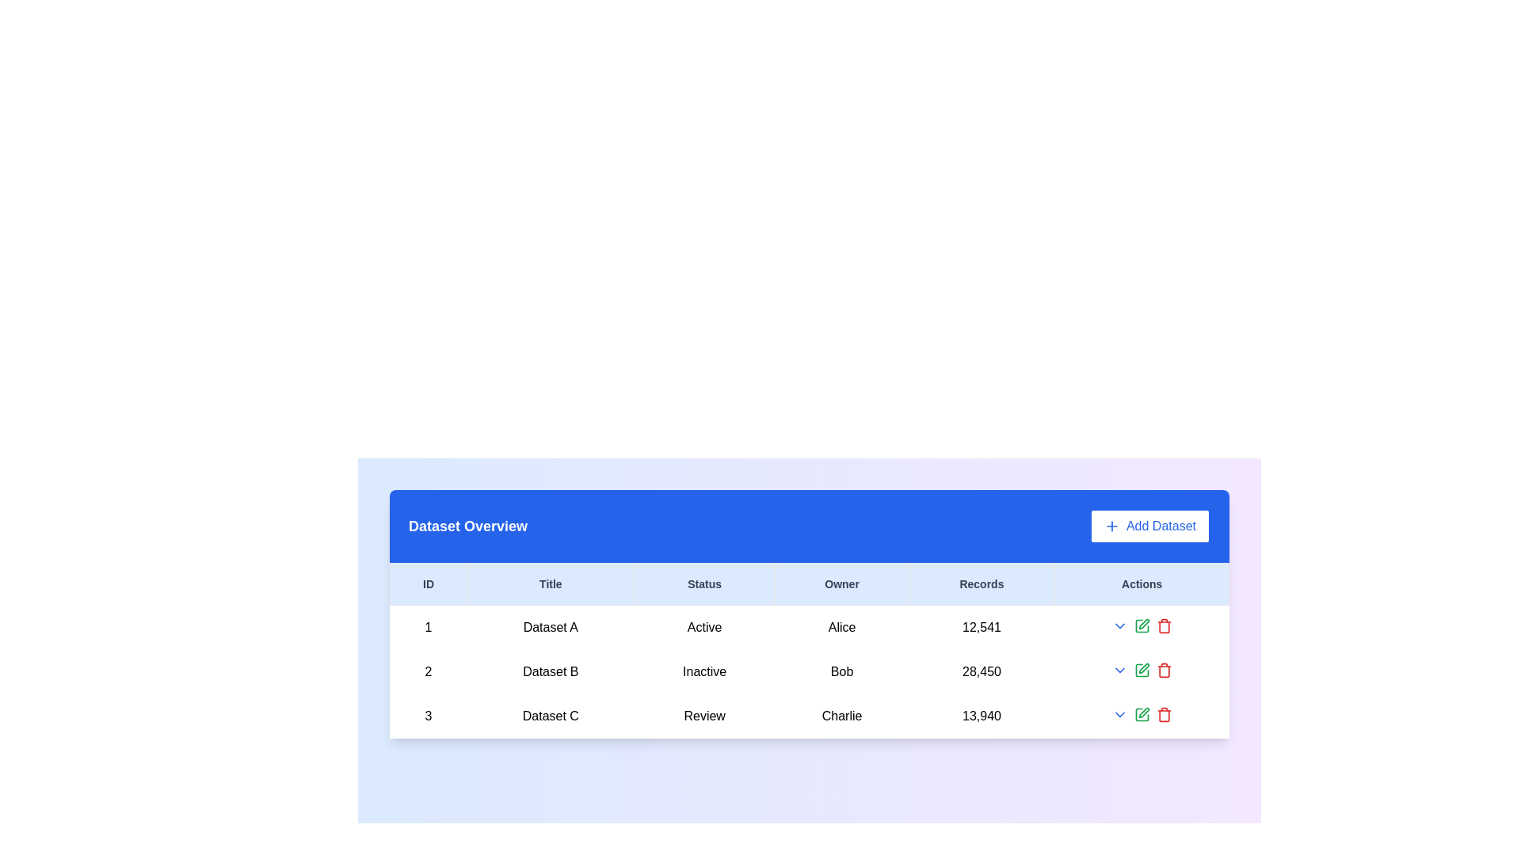 The image size is (1521, 855). What do you see at coordinates (1142, 583) in the screenshot?
I see `the 'Actions' column header in the data table located in the top right section of the horizontal header bar` at bounding box center [1142, 583].